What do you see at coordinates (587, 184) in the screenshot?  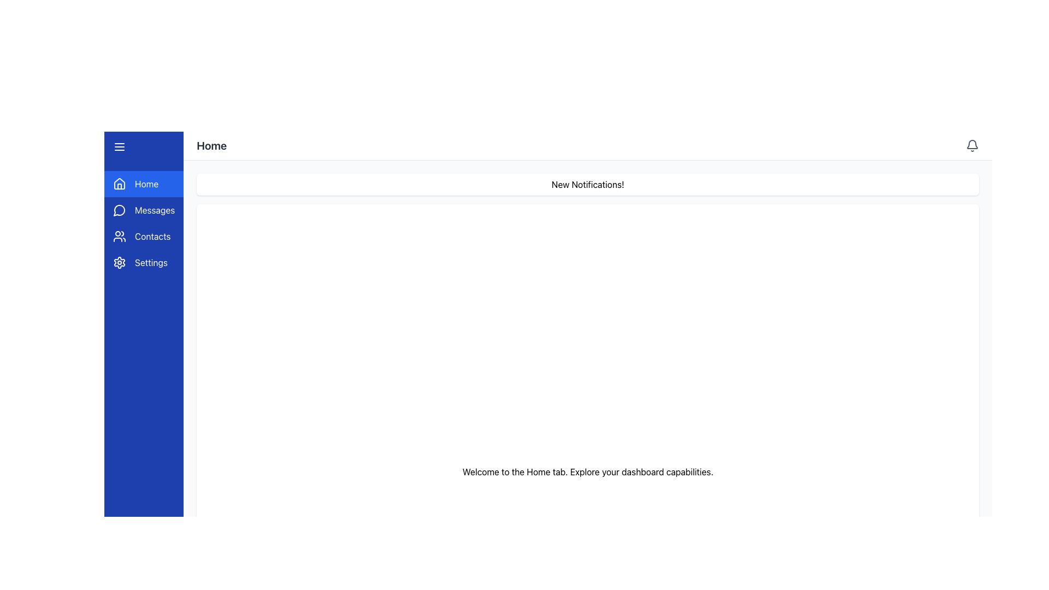 I see `notification text from the Static text notification banner that displays 'New Notifications!'` at bounding box center [587, 184].